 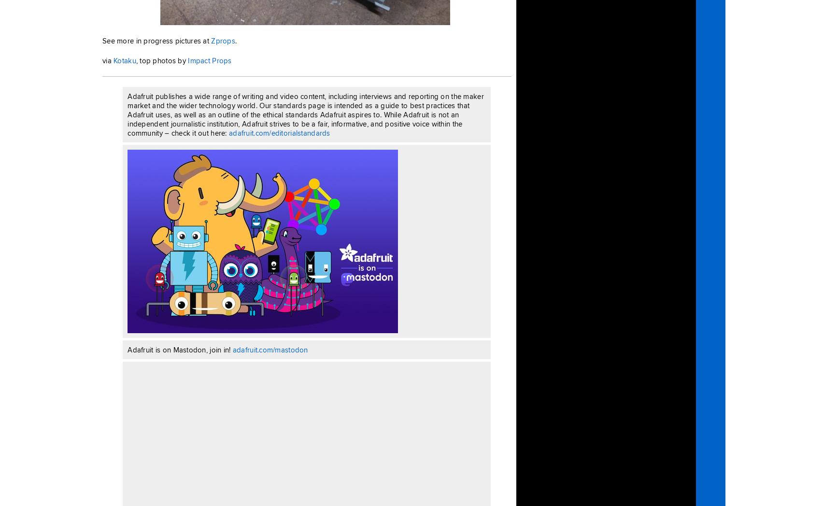 What do you see at coordinates (229, 132) in the screenshot?
I see `'adafruit.com/editorialstandards'` at bounding box center [229, 132].